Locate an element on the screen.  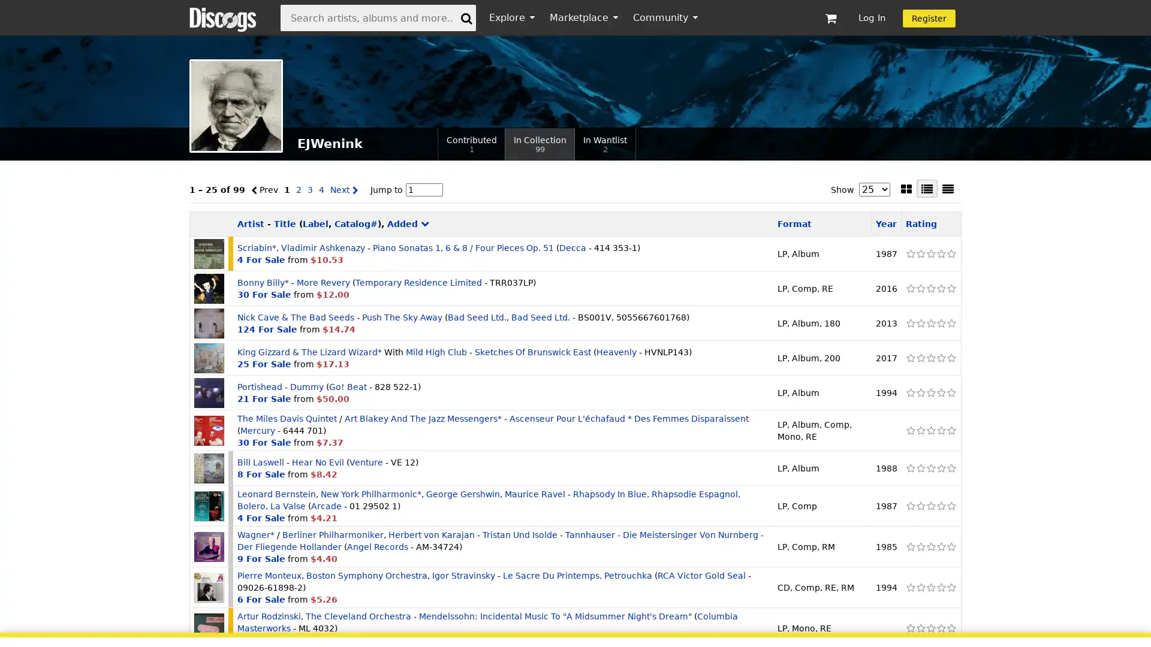
Rate this release 3 stars. is located at coordinates (930, 289).